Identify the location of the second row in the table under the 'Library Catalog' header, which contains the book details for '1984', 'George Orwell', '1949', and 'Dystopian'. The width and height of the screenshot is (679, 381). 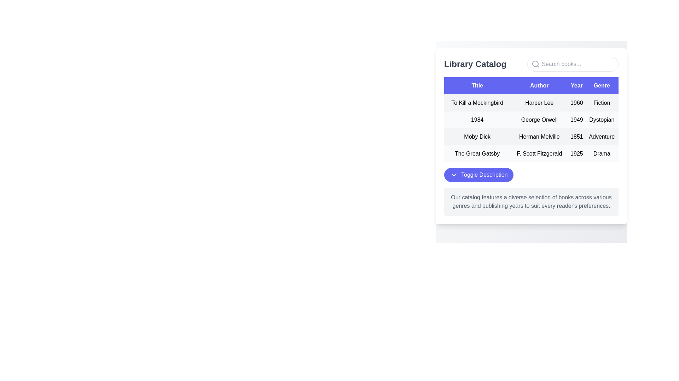
(531, 119).